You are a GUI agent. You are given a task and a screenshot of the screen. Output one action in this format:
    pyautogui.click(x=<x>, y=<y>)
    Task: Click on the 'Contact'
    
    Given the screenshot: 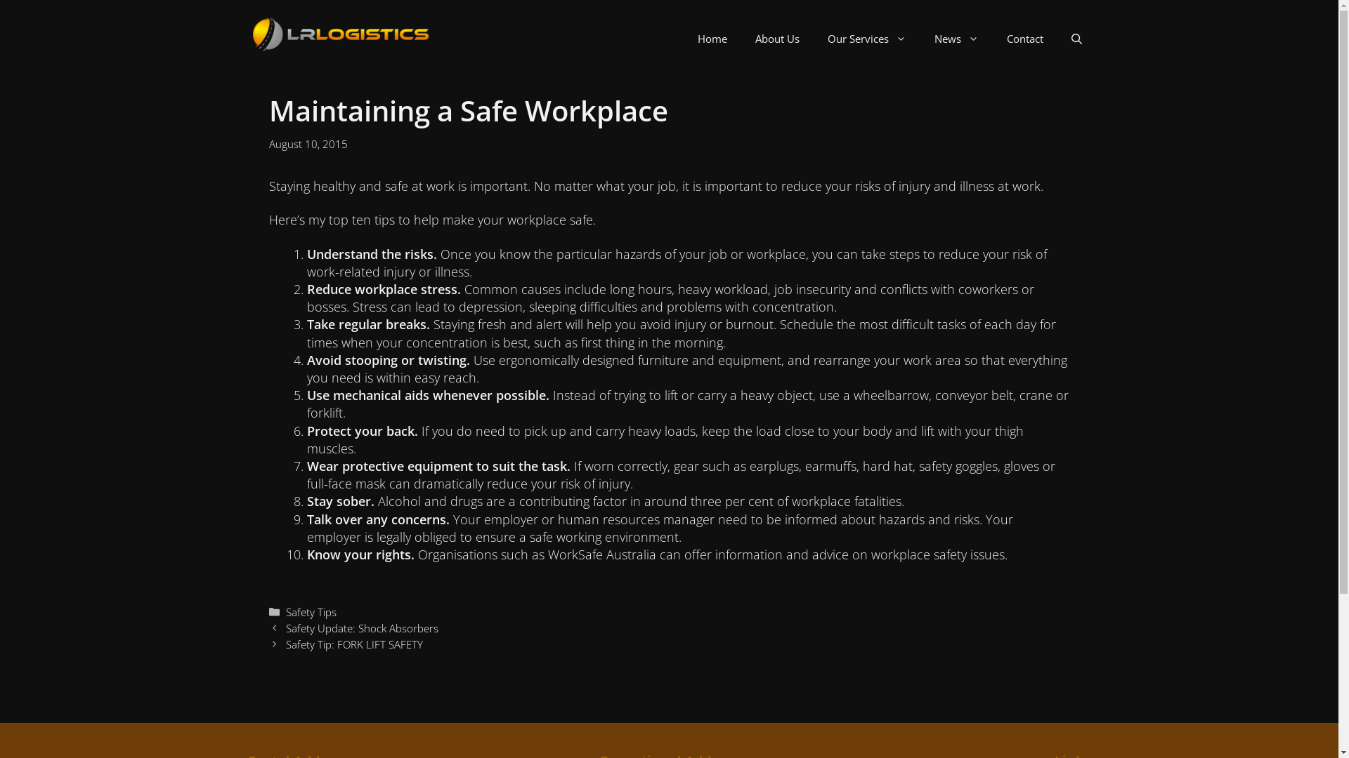 What is the action you would take?
    pyautogui.click(x=1025, y=37)
    